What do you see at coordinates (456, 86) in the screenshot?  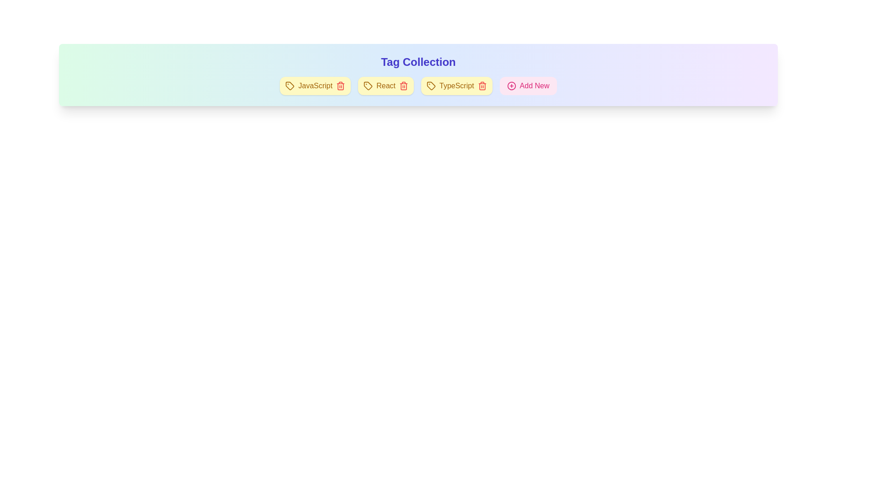 I see `the trash bin icon on the third tag in the 'Tag Collection' row` at bounding box center [456, 86].